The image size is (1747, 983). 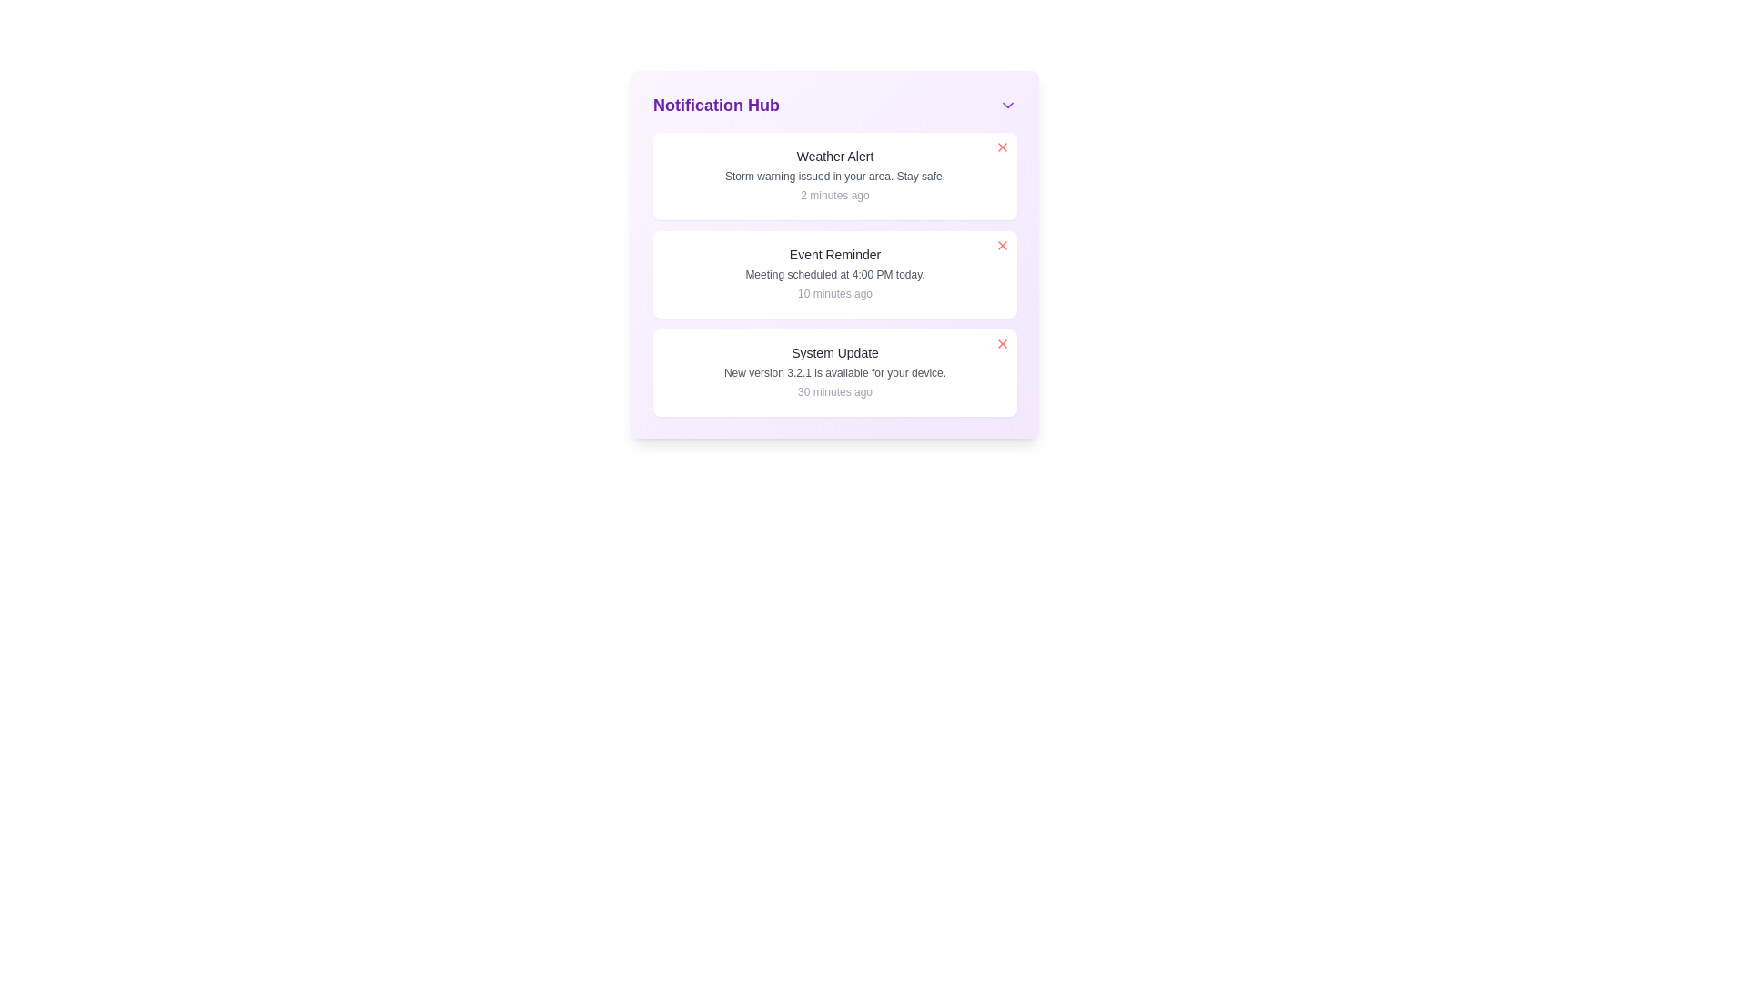 I want to click on storm warning text label located below the title 'Weather Alert' and above the timestamp '2 minutes ago' within the notification card, so click(x=833, y=176).